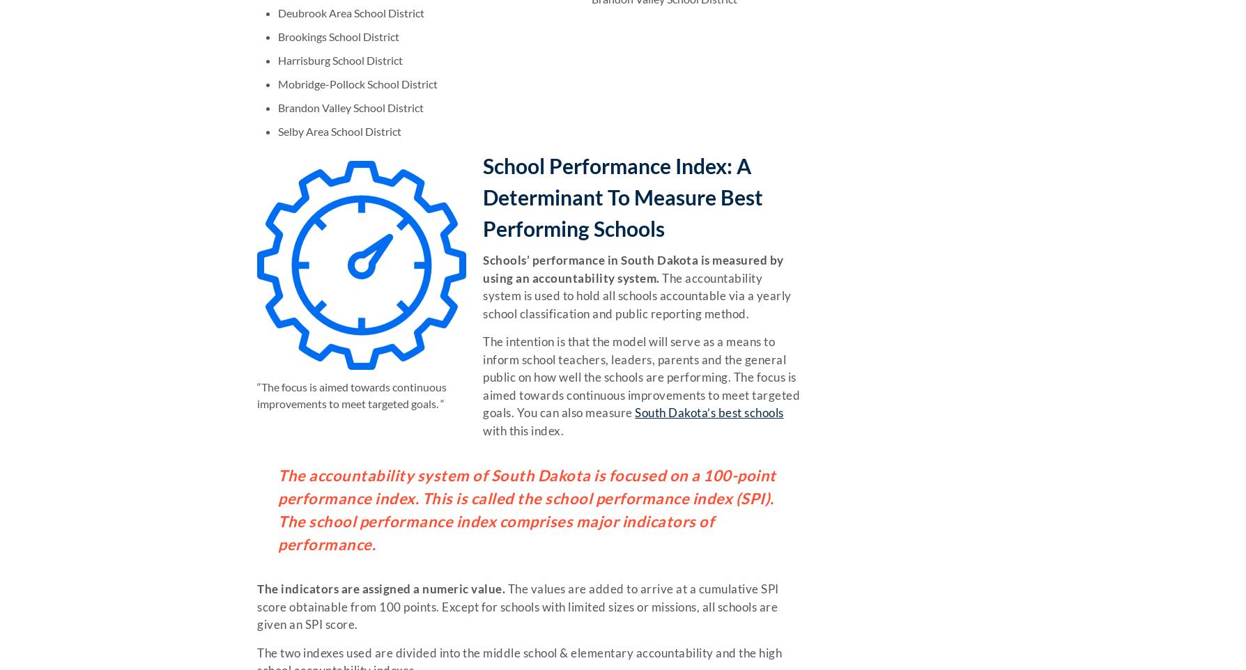 This screenshot has width=1246, height=670. I want to click on 'The indicators are assigned a numeric value.', so click(380, 589).